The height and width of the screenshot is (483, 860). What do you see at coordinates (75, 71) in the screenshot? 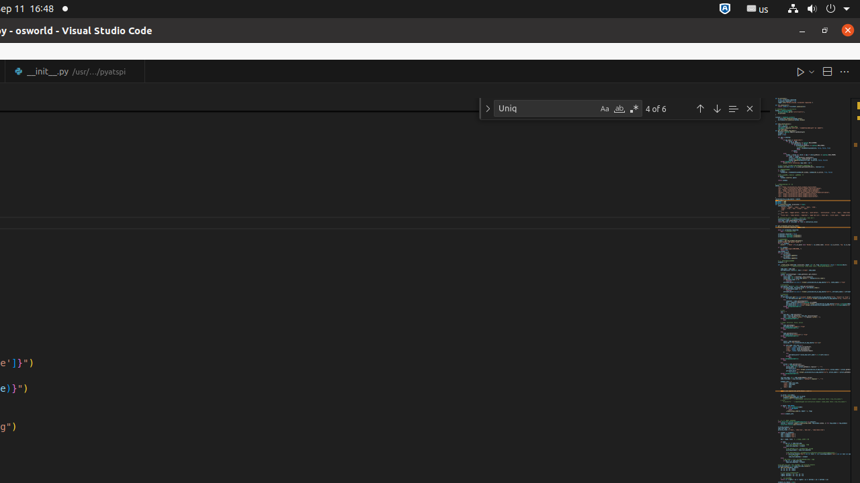
I see `'__init__.py'` at bounding box center [75, 71].